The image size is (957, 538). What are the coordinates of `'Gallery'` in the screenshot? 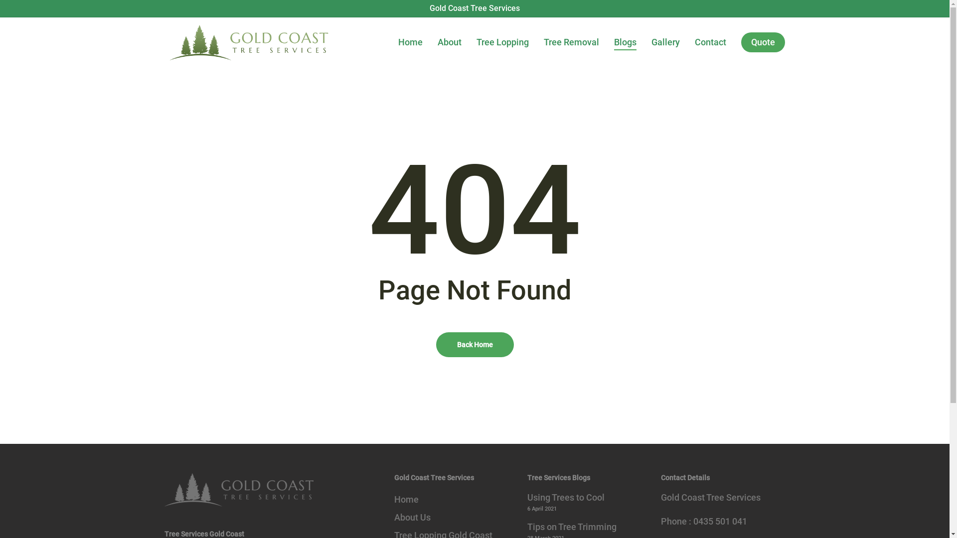 It's located at (665, 41).